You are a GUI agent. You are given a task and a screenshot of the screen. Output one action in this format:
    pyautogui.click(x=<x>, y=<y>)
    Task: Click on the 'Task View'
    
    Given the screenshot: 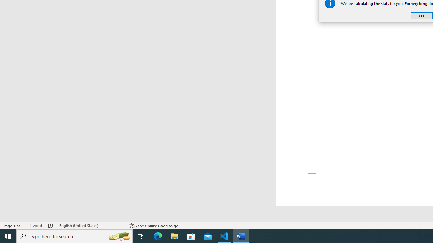 What is the action you would take?
    pyautogui.click(x=140, y=236)
    